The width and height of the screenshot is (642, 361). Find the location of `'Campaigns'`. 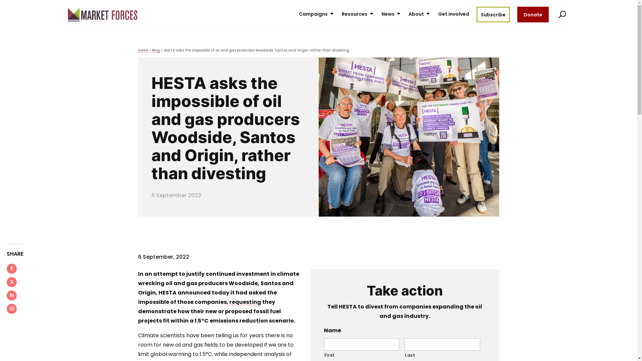

'Campaigns' is located at coordinates (298, 14).